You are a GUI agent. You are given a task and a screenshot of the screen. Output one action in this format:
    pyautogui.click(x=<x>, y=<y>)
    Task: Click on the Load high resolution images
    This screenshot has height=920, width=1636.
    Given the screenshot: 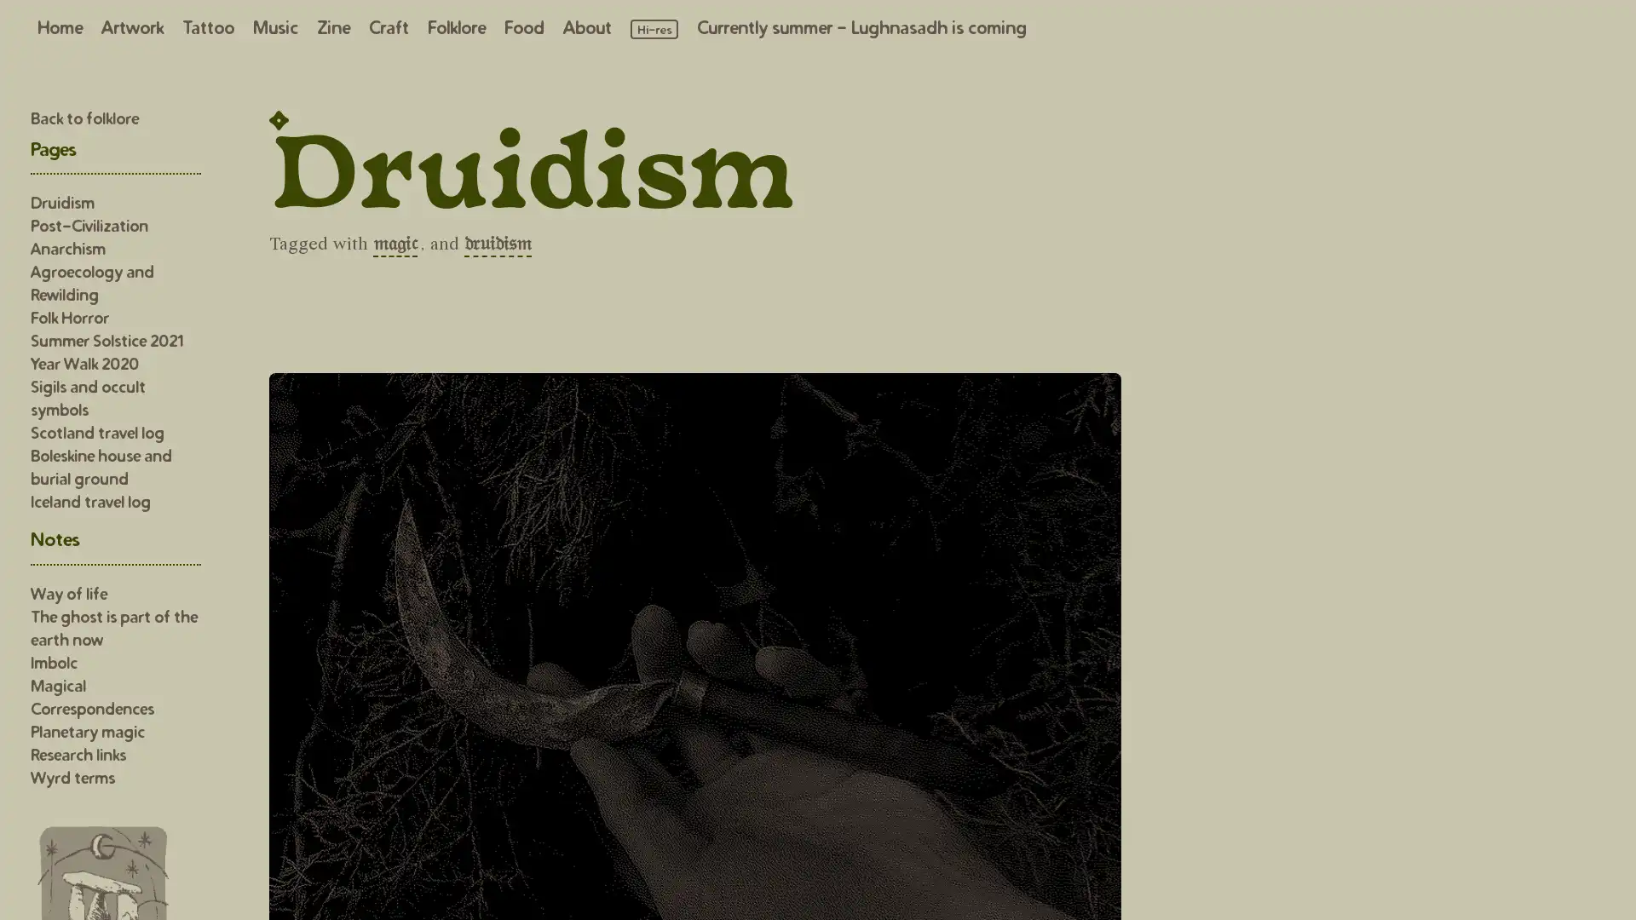 What is the action you would take?
    pyautogui.click(x=654, y=29)
    